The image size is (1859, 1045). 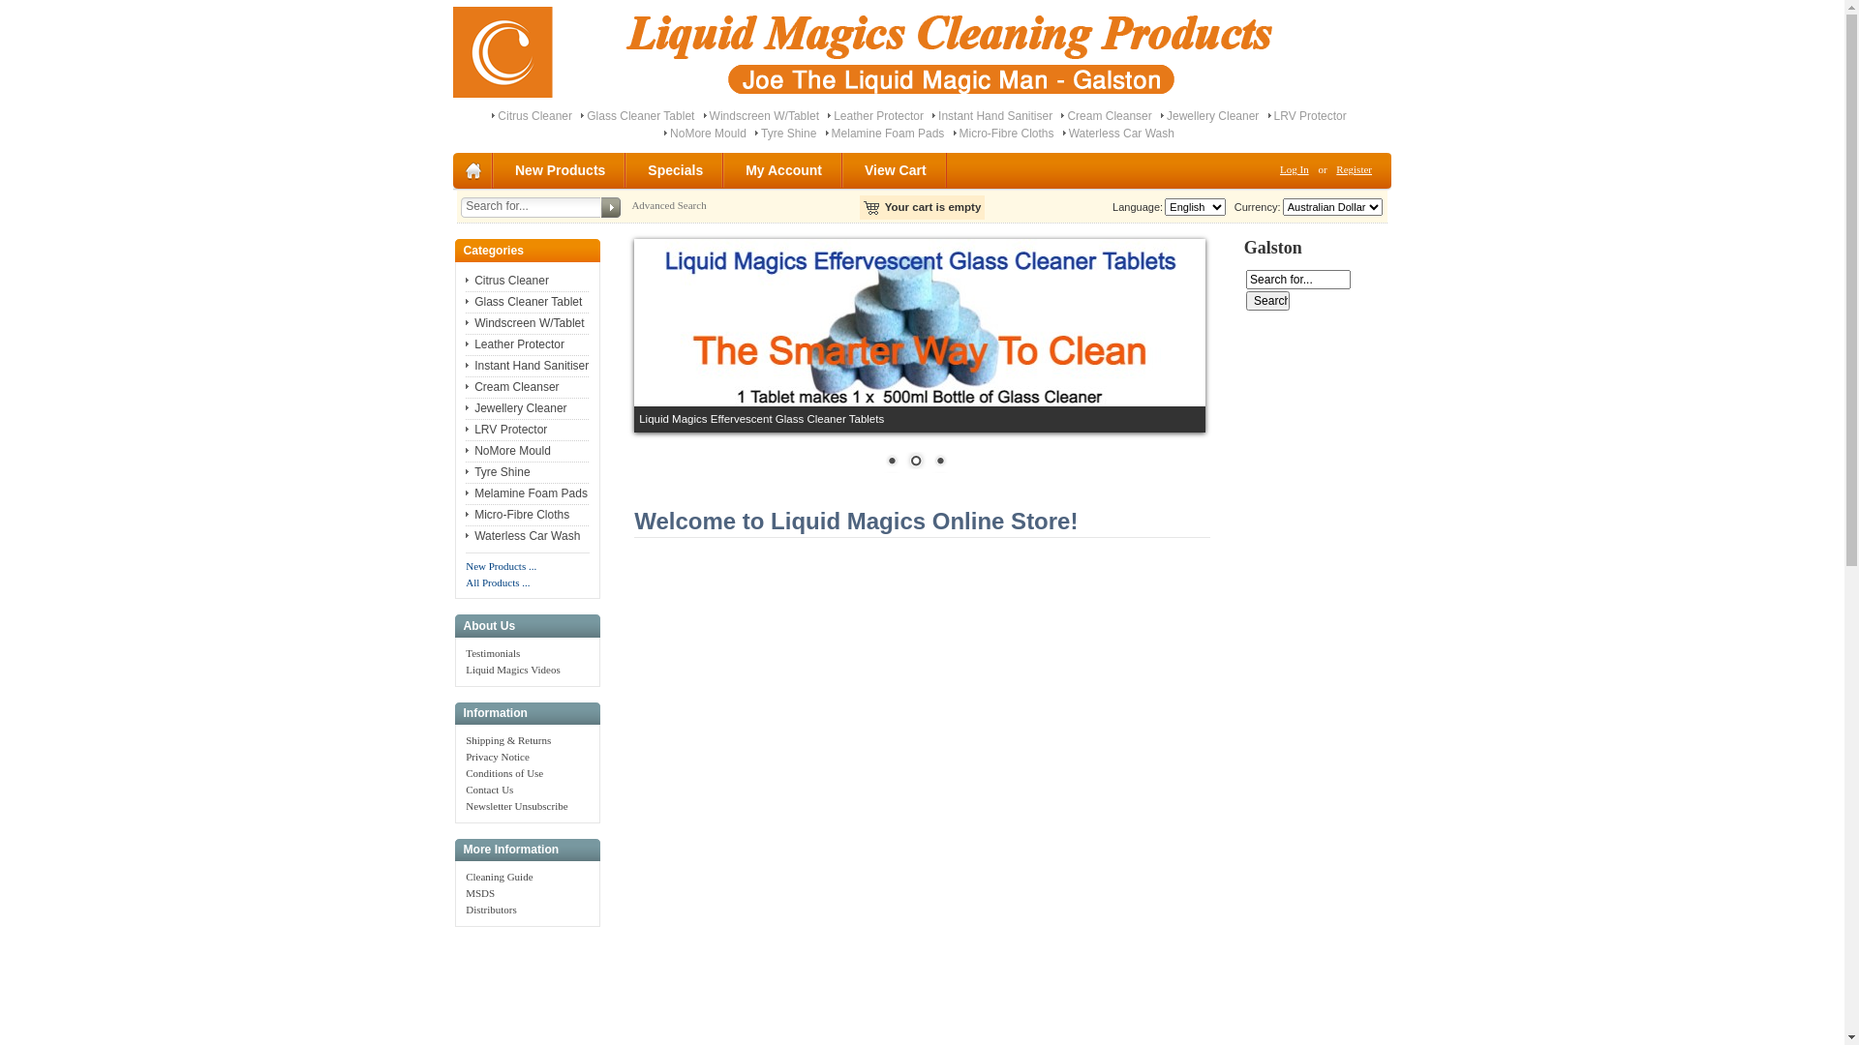 What do you see at coordinates (497, 581) in the screenshot?
I see `'All Products ...'` at bounding box center [497, 581].